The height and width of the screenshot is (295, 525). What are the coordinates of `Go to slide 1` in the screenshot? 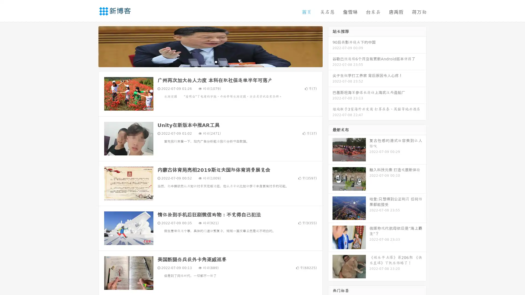 It's located at (205, 61).